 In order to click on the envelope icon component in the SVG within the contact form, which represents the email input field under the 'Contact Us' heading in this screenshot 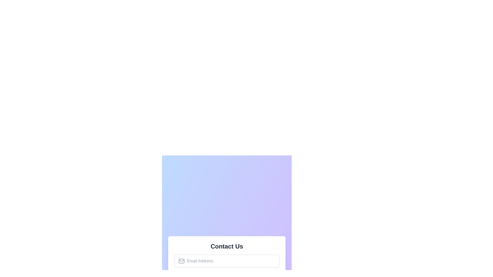, I will do `click(181, 261)`.